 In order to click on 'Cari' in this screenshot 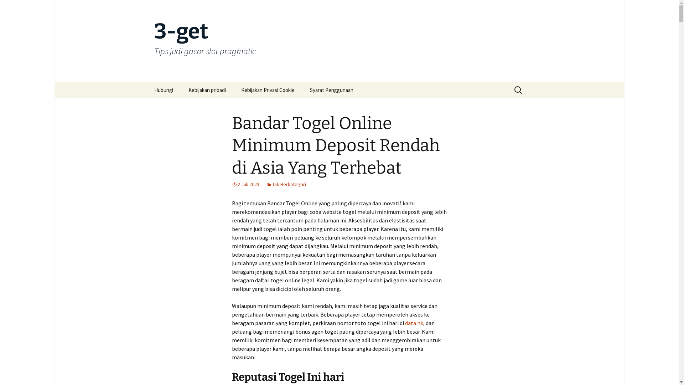, I will do `click(9, 8)`.